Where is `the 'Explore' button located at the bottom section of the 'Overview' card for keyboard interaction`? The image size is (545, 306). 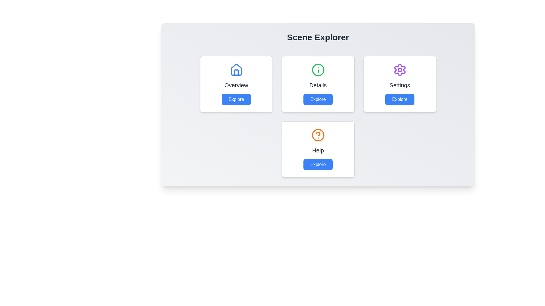
the 'Explore' button located at the bottom section of the 'Overview' card for keyboard interaction is located at coordinates (236, 99).